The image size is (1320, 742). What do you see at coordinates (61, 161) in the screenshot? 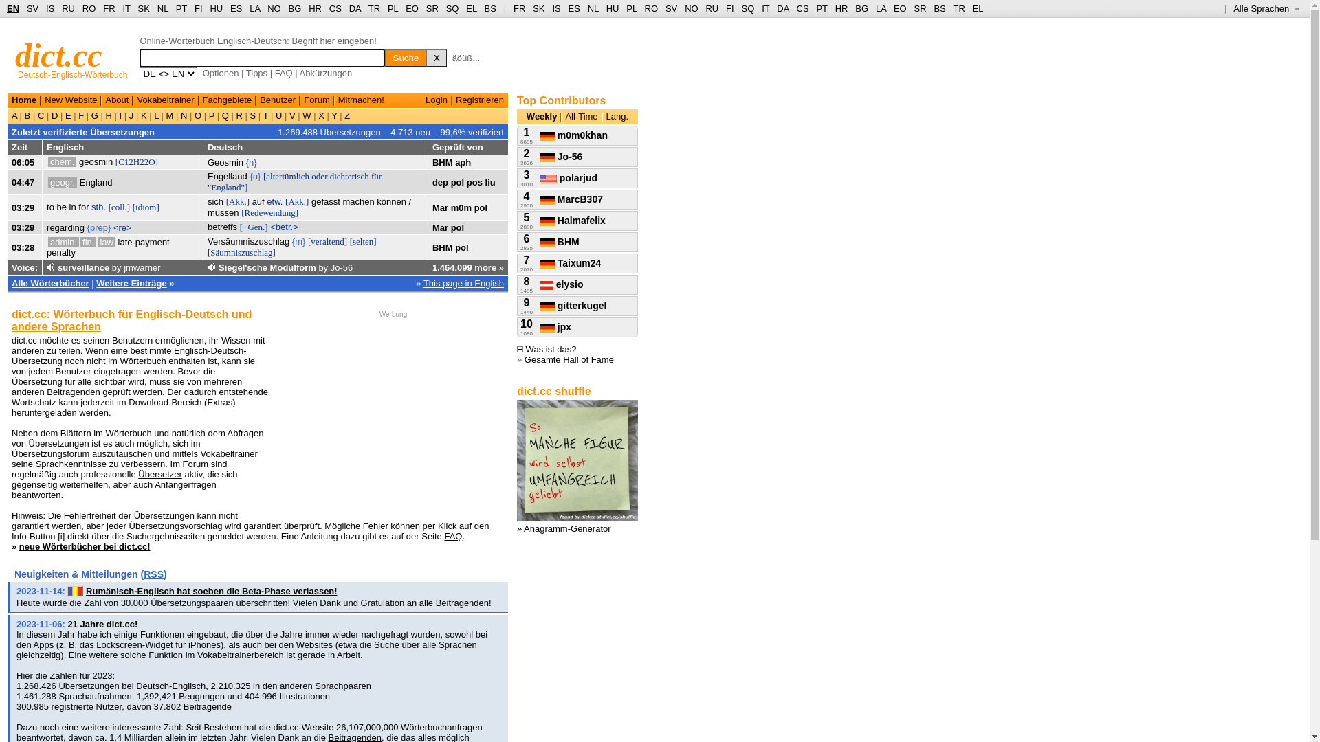
I see `'chem.'` at bounding box center [61, 161].